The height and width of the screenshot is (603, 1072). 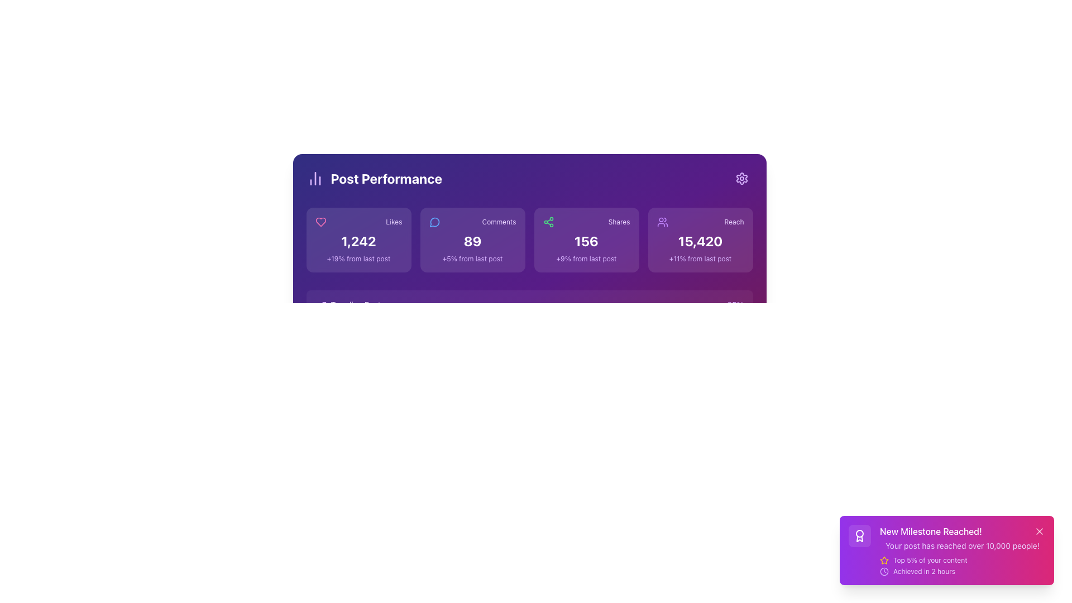 I want to click on the Text with Icon that consists of a star symbol followed by the text 'Top 5% of your content.' The star is yellow and the text is purple, located in the notification card titled 'New Milestone Reached!', so click(x=961, y=560).